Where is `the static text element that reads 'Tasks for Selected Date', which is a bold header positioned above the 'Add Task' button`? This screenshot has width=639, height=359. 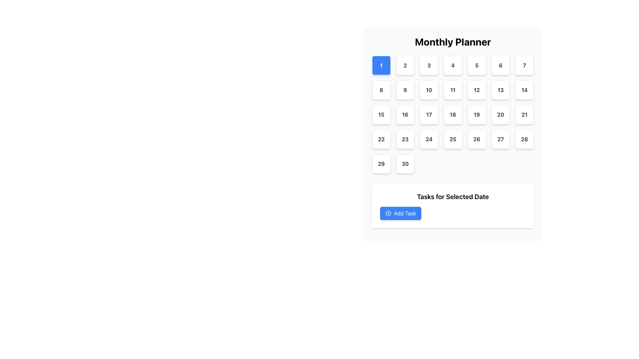 the static text element that reads 'Tasks for Selected Date', which is a bold header positioned above the 'Add Task' button is located at coordinates (453, 196).